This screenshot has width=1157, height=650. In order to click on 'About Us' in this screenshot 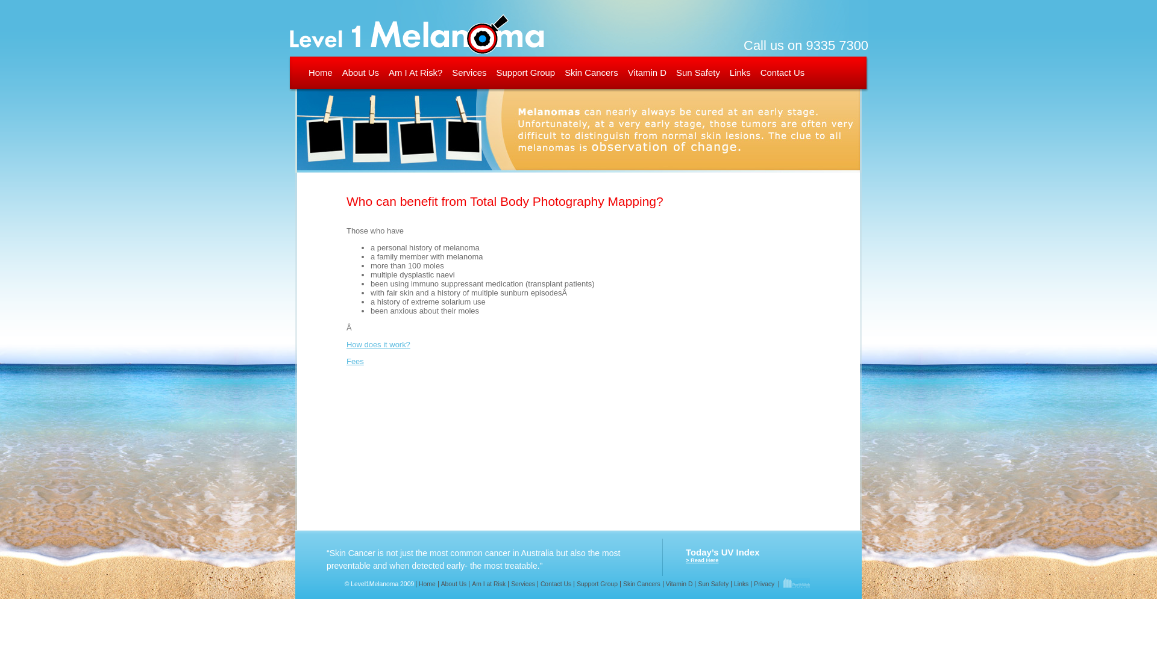, I will do `click(360, 72)`.